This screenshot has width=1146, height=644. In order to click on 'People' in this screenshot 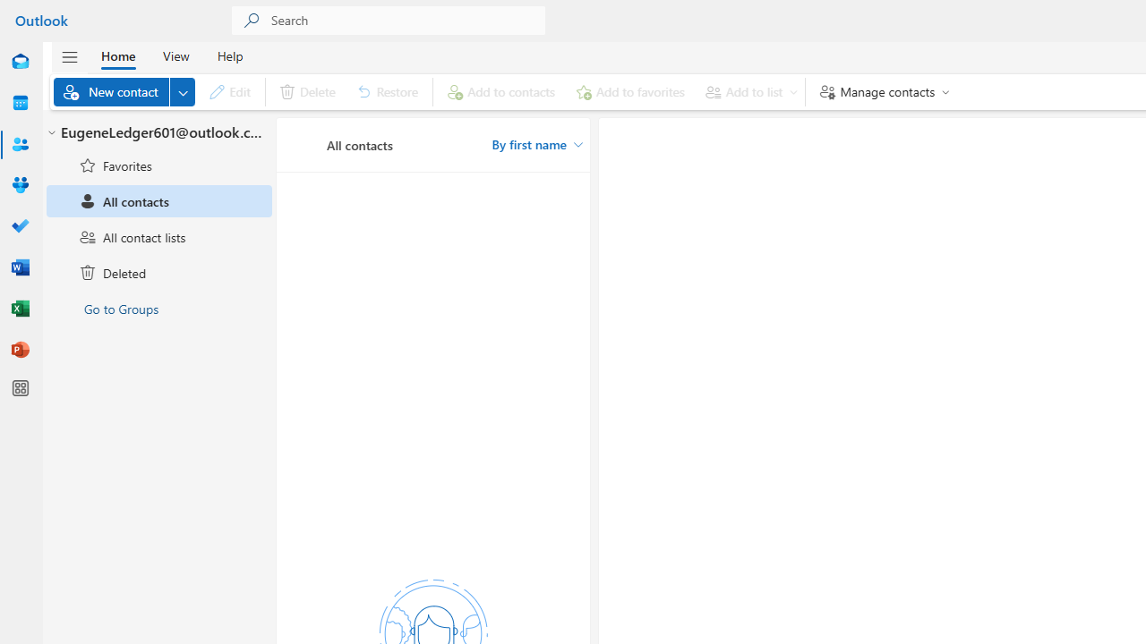, I will do `click(21, 144)`.